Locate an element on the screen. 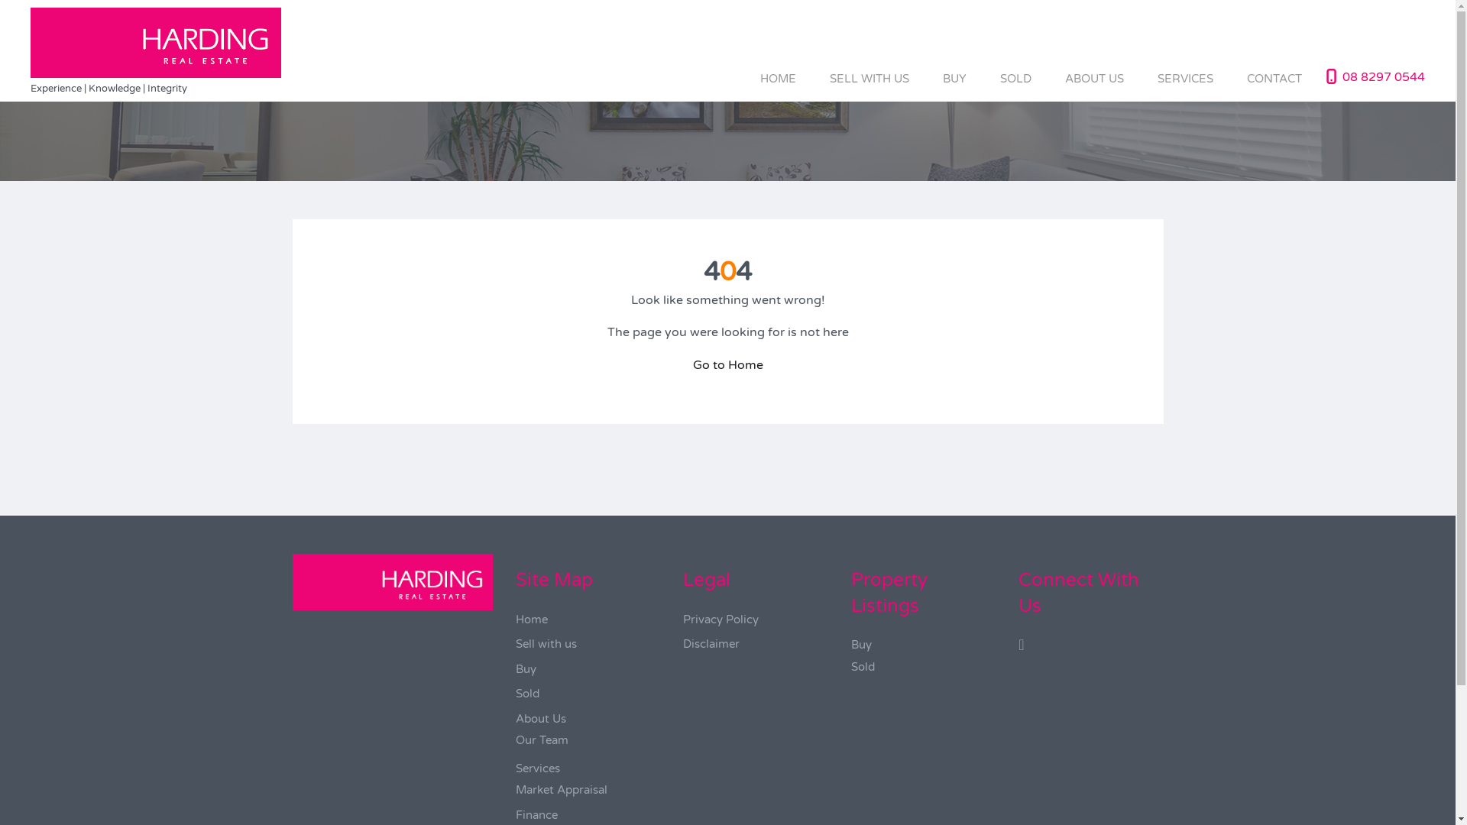 This screenshot has width=1467, height=825. 'Privacy Policy' is located at coordinates (720, 619).